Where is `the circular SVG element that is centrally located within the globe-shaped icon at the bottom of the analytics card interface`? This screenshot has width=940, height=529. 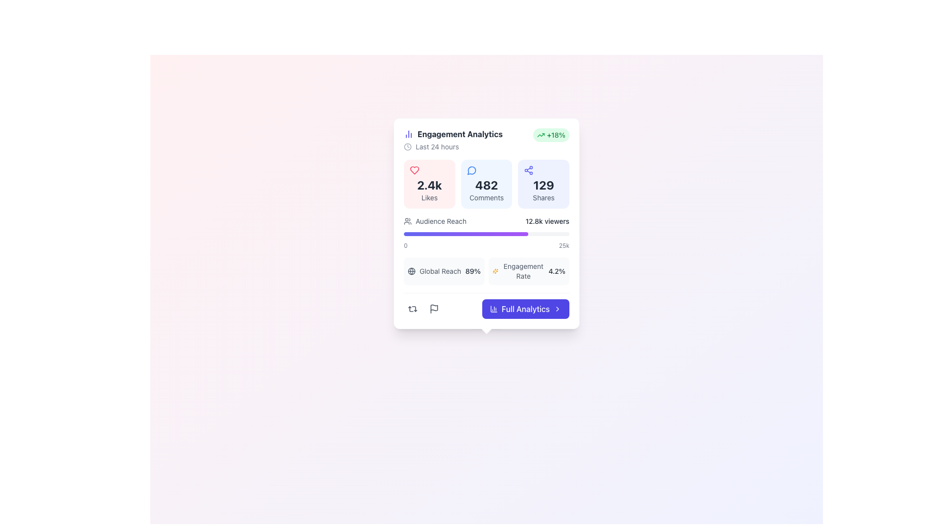 the circular SVG element that is centrally located within the globe-shaped icon at the bottom of the analytics card interface is located at coordinates (411, 271).